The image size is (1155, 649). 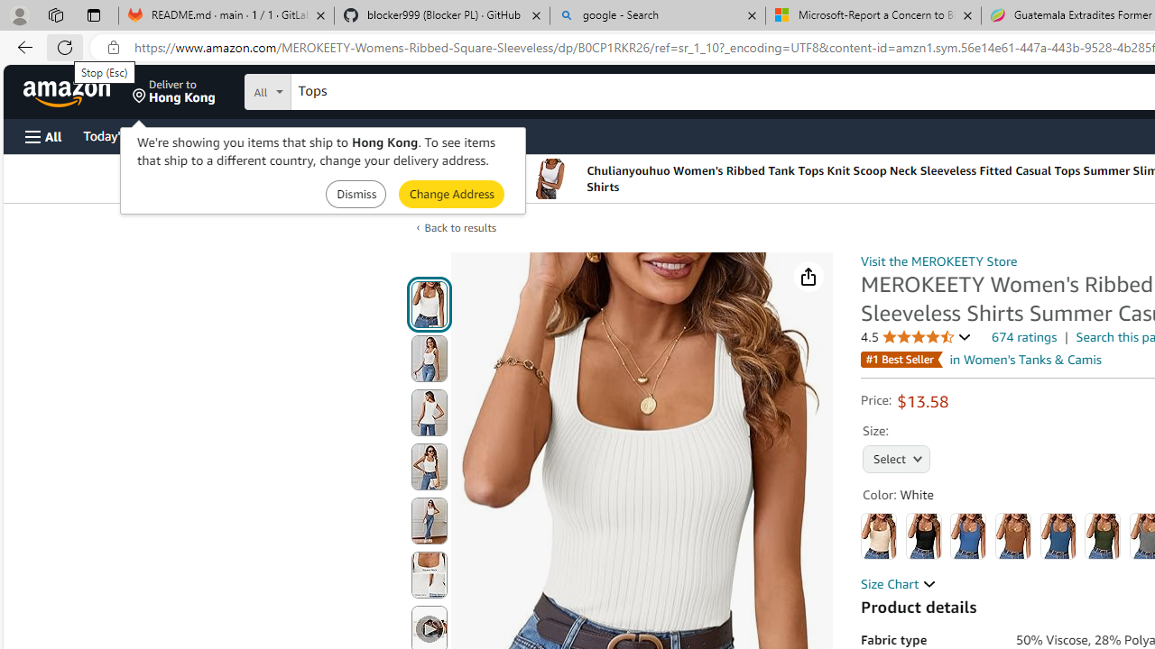 What do you see at coordinates (967, 535) in the screenshot?
I see `'Blue'` at bounding box center [967, 535].